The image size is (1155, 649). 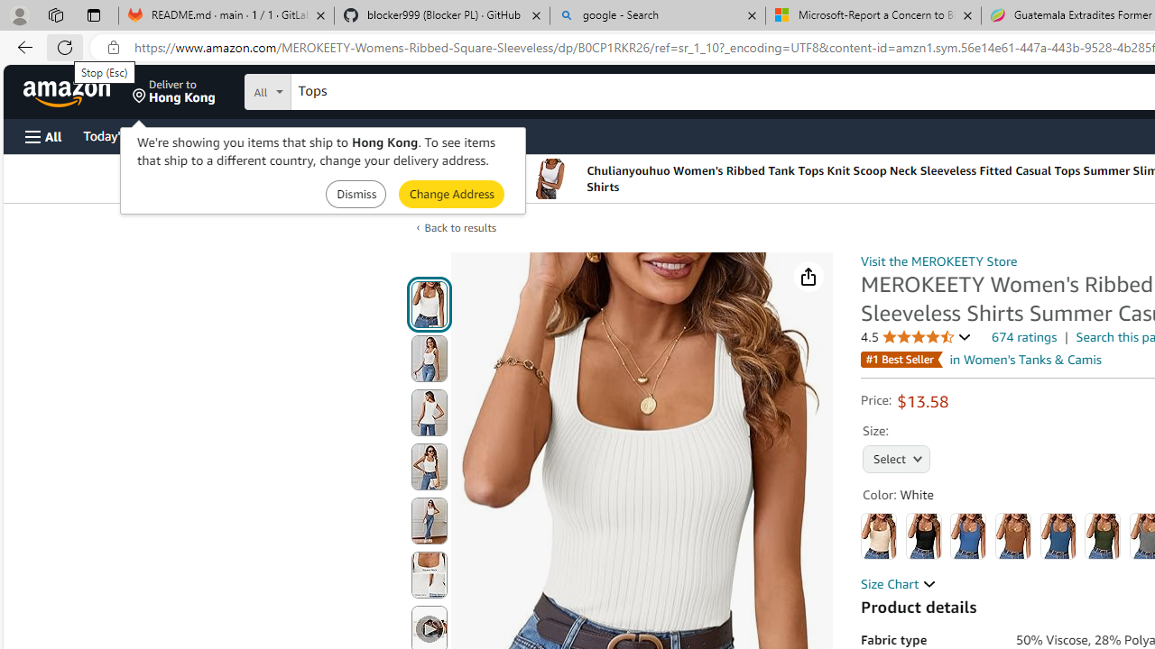 What do you see at coordinates (967, 535) in the screenshot?
I see `'Blue'` at bounding box center [967, 535].